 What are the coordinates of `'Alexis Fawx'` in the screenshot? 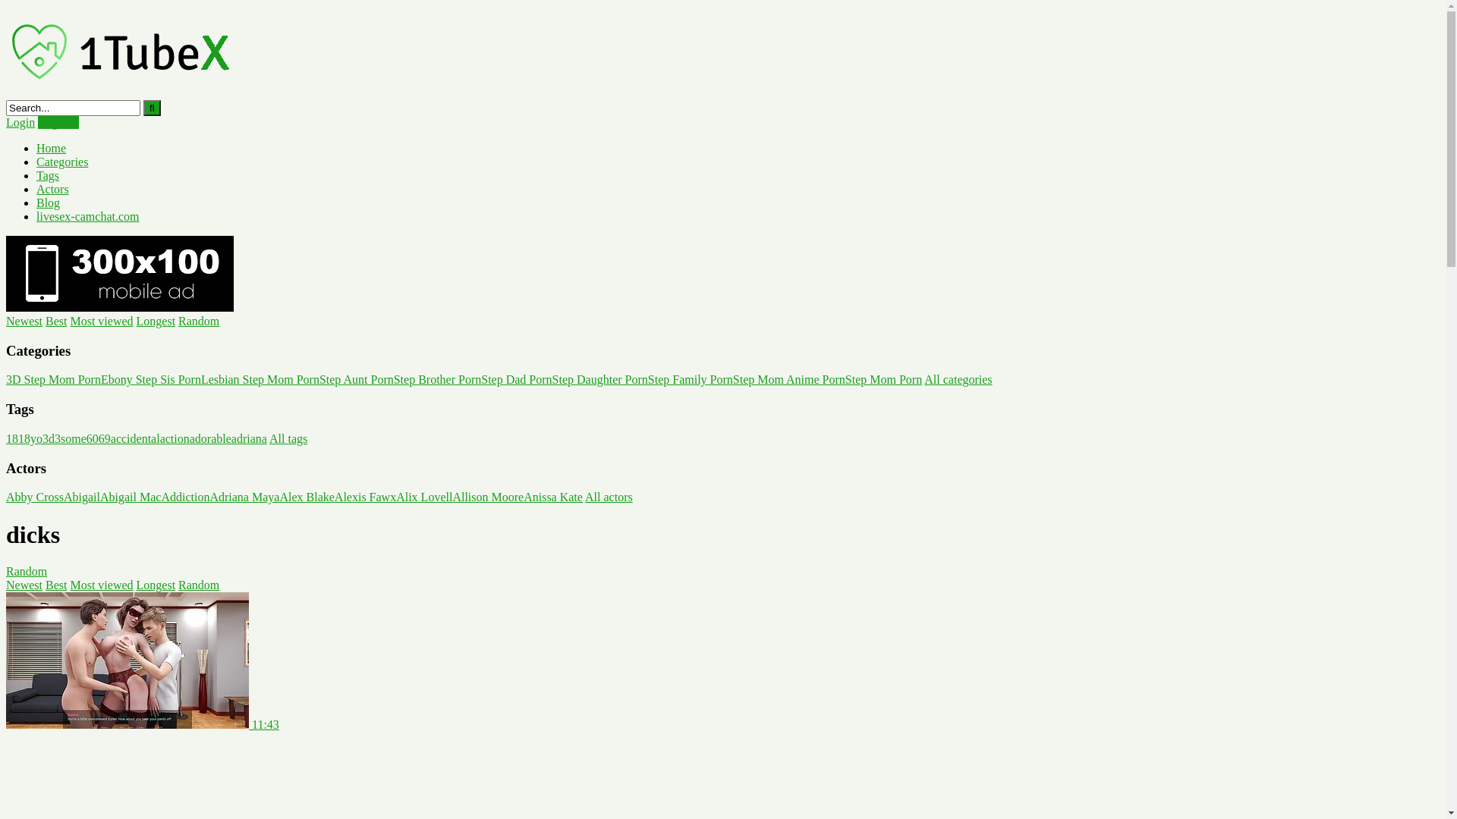 It's located at (365, 497).